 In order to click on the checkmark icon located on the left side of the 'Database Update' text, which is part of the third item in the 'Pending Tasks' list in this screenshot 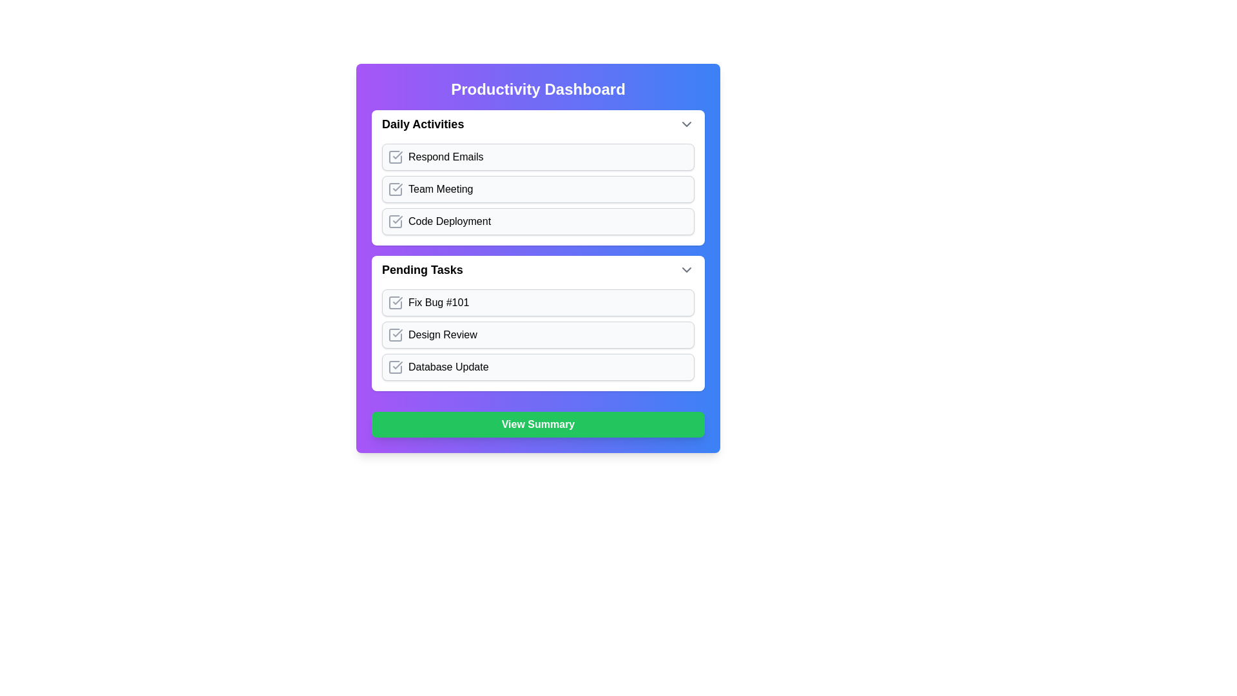, I will do `click(395, 367)`.